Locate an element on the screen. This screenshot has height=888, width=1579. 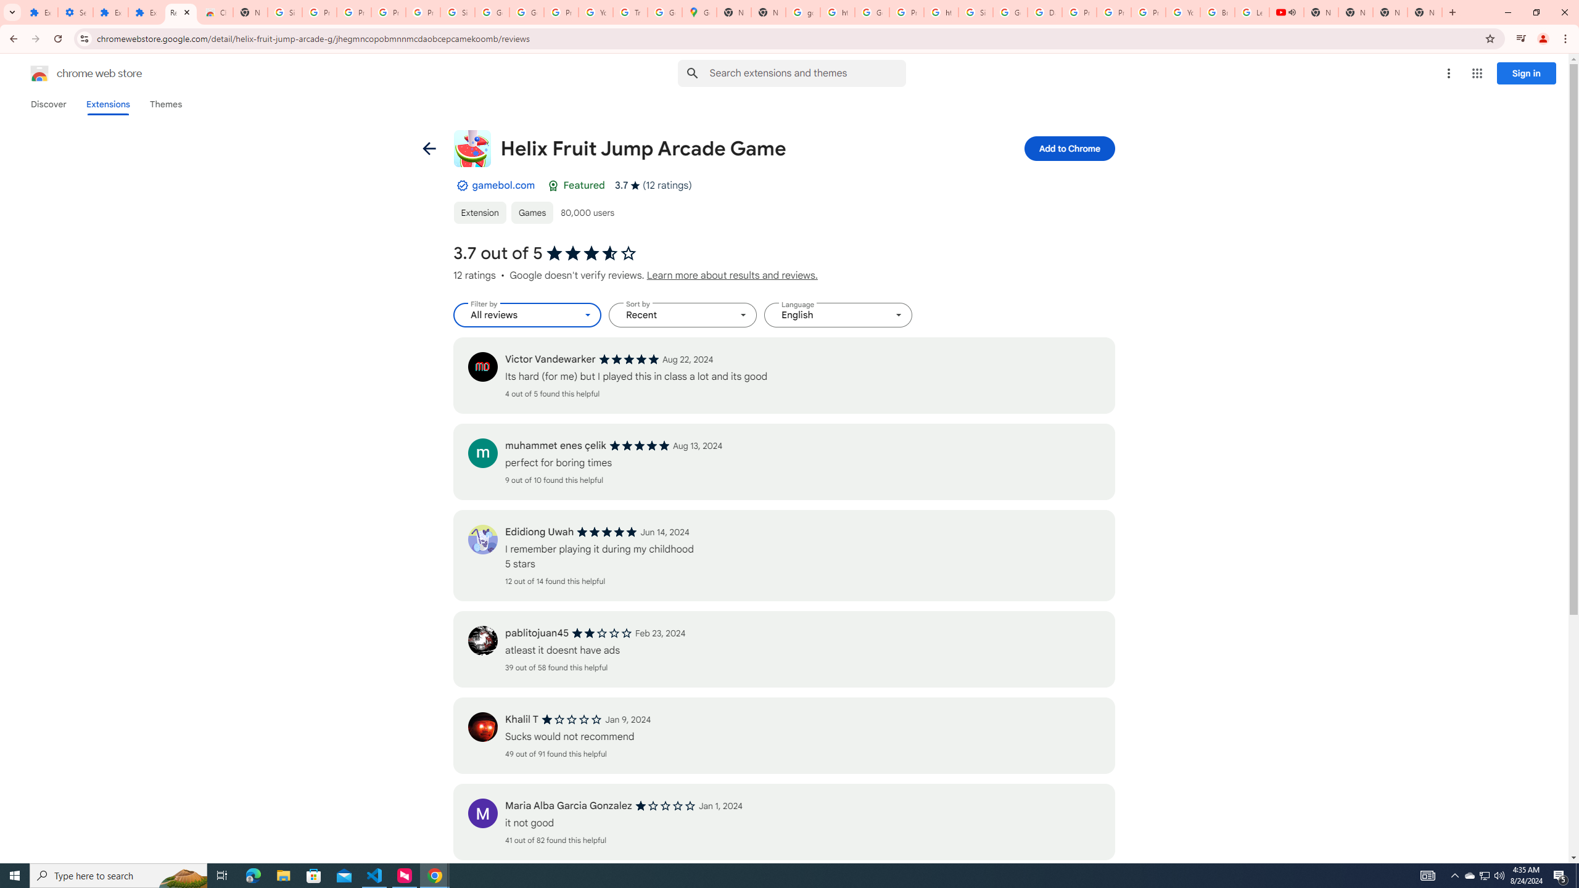
'Privacy Help Center - Policies Help' is located at coordinates (1113, 12).